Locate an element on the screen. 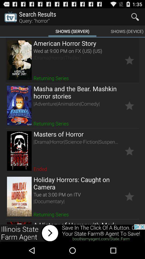 Image resolution: width=145 pixels, height=259 pixels. mark as favorite is located at coordinates (129, 151).